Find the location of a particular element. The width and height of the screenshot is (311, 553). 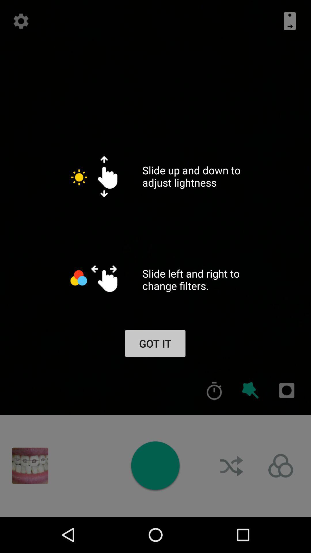

the time icon is located at coordinates (214, 418).